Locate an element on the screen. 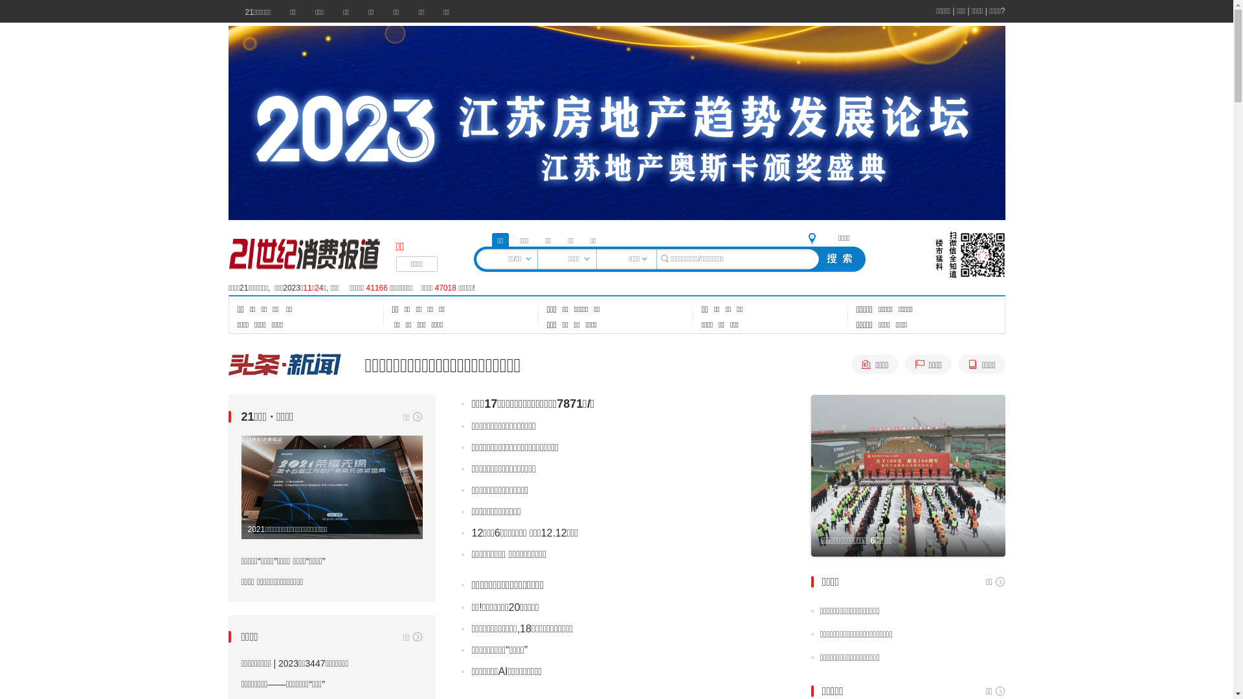 The image size is (1243, 699). '4' is located at coordinates (914, 520).